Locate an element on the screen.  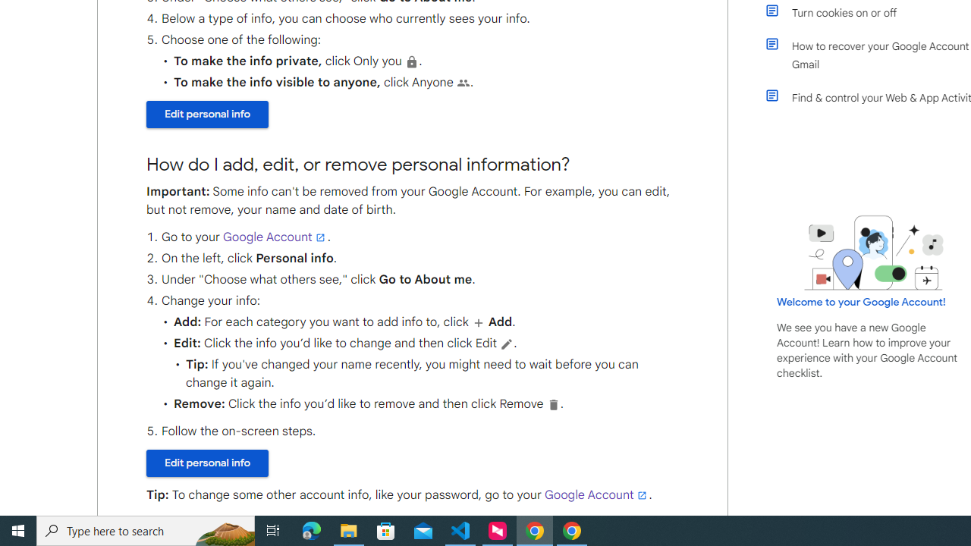
'Delete' is located at coordinates (551, 403).